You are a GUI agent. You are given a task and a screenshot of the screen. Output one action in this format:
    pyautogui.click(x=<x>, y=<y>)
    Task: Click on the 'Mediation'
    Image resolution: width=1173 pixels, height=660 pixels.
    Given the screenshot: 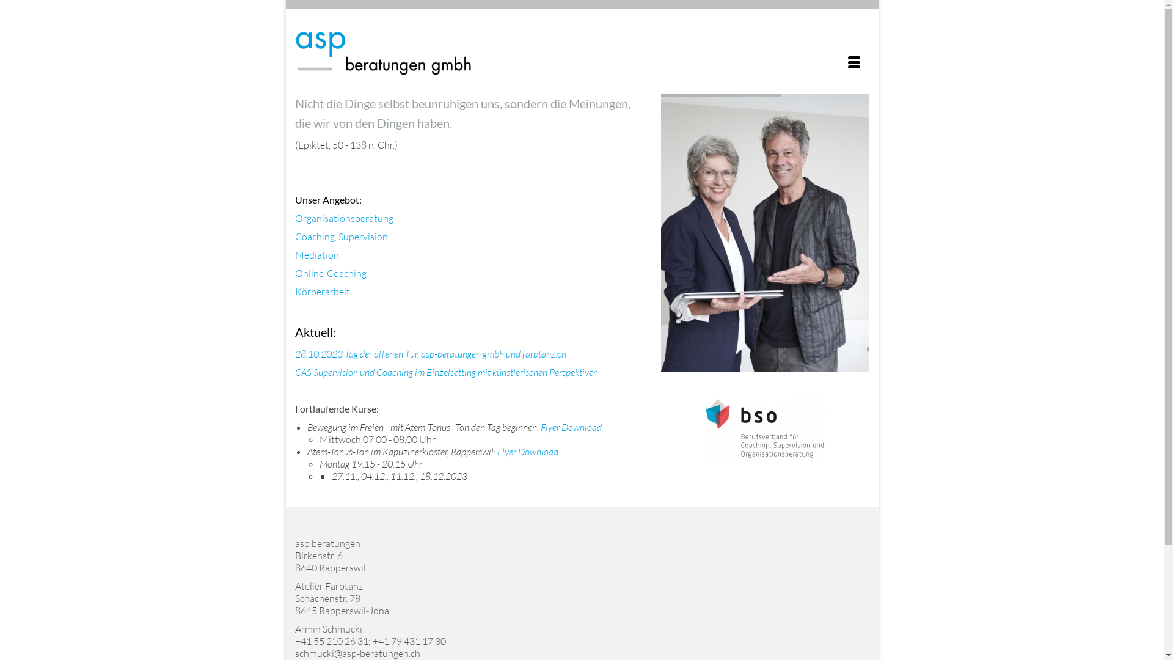 What is the action you would take?
    pyautogui.click(x=316, y=254)
    